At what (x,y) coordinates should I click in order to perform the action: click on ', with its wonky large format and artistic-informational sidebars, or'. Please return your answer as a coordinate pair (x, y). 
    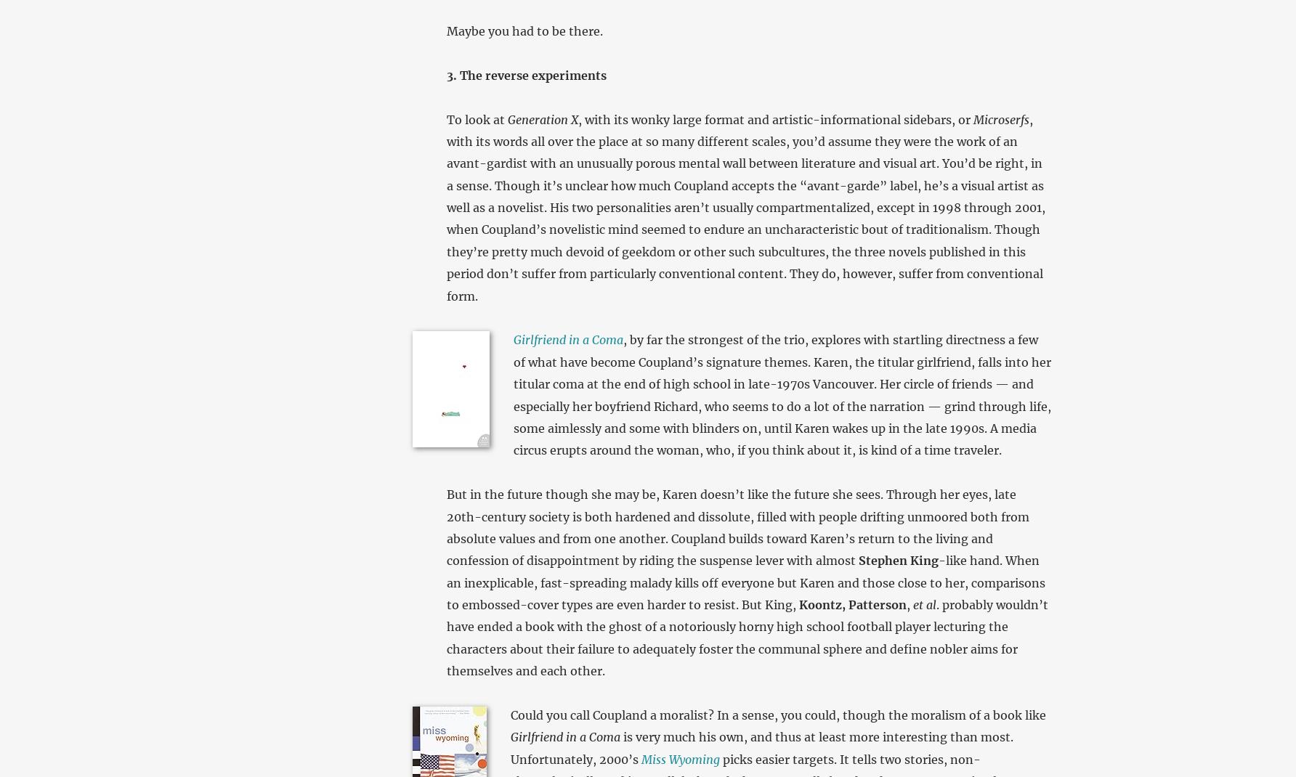
    Looking at the image, I should click on (774, 119).